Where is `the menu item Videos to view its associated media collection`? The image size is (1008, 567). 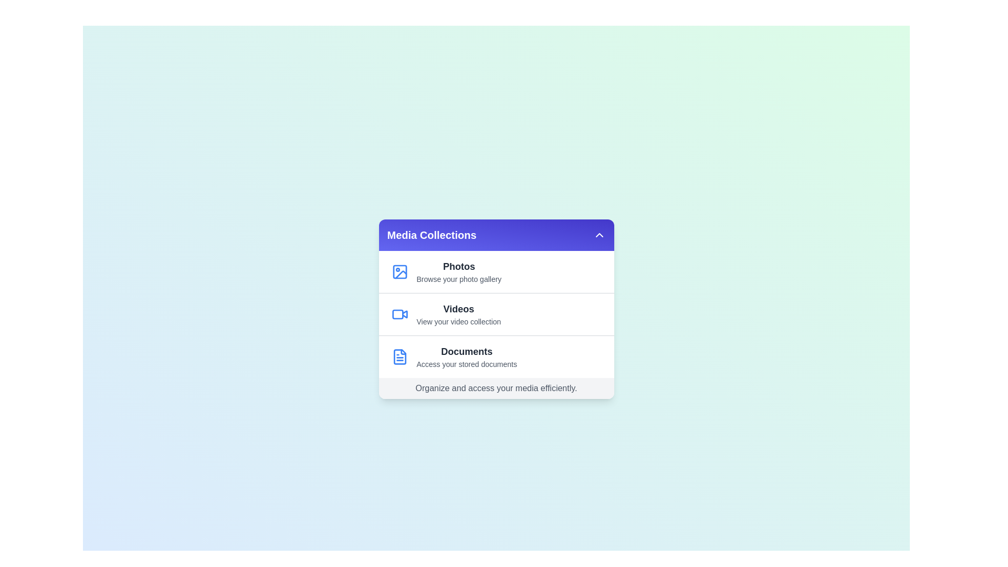 the menu item Videos to view its associated media collection is located at coordinates (496, 313).